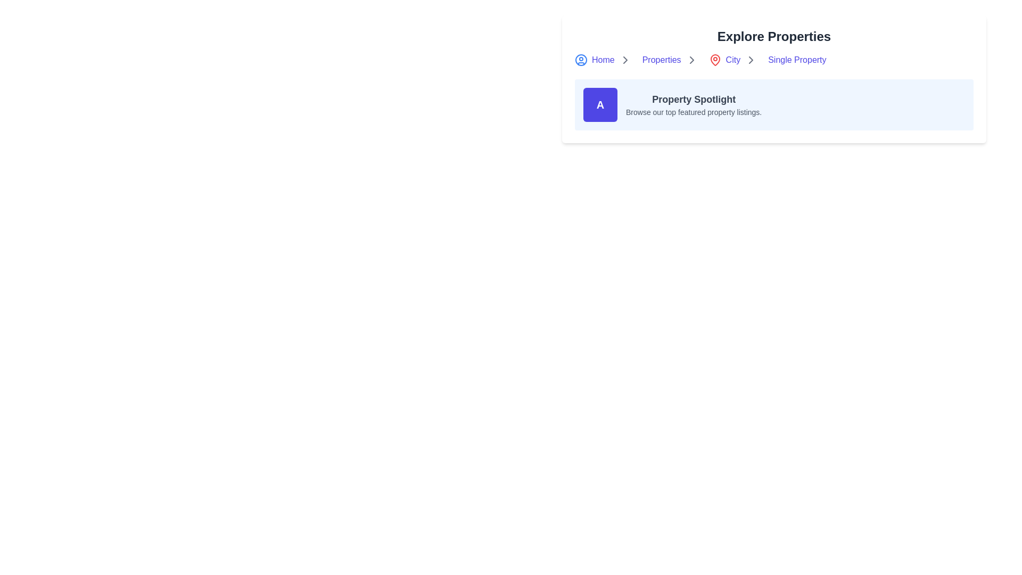 Image resolution: width=1022 pixels, height=575 pixels. I want to click on the interactive hyperlink labeled 'City' in the breadcrumb navigation section to underline the text, so click(724, 60).